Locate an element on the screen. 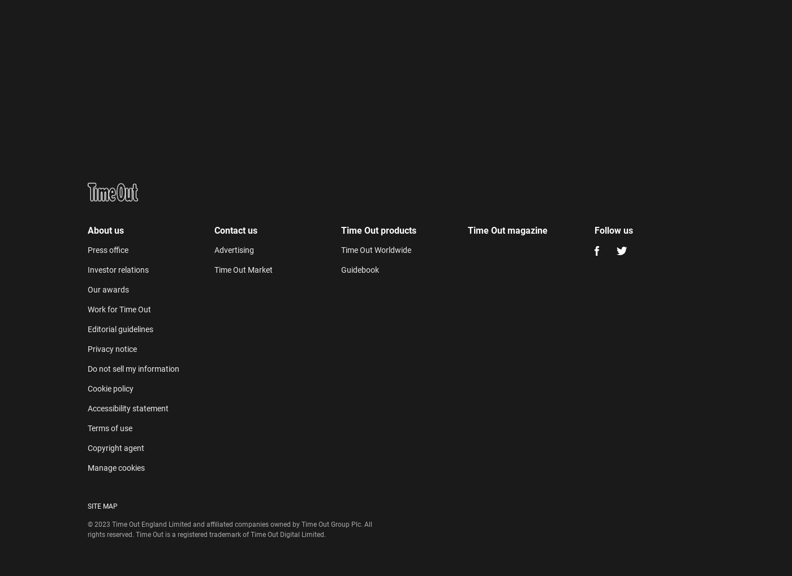  'Accessibility statement' is located at coordinates (128, 407).